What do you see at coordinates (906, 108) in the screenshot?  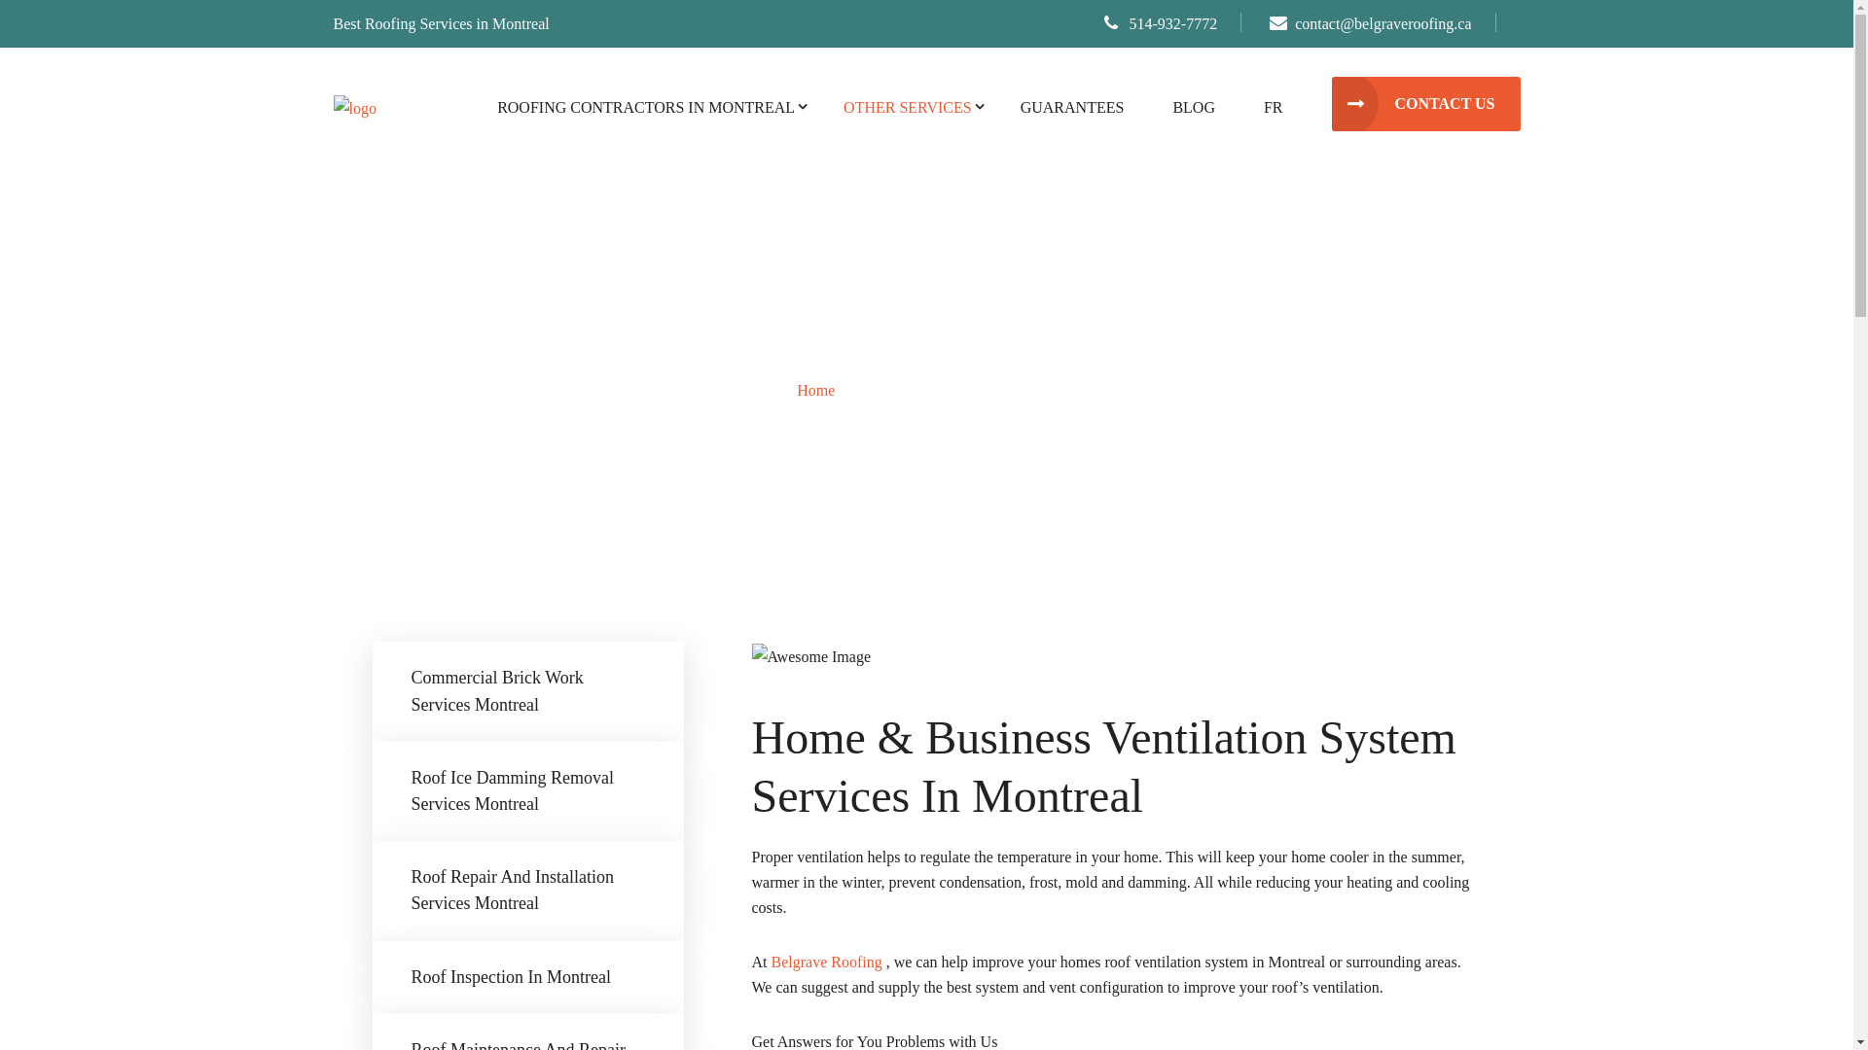 I see `'OTHER SERVICES'` at bounding box center [906, 108].